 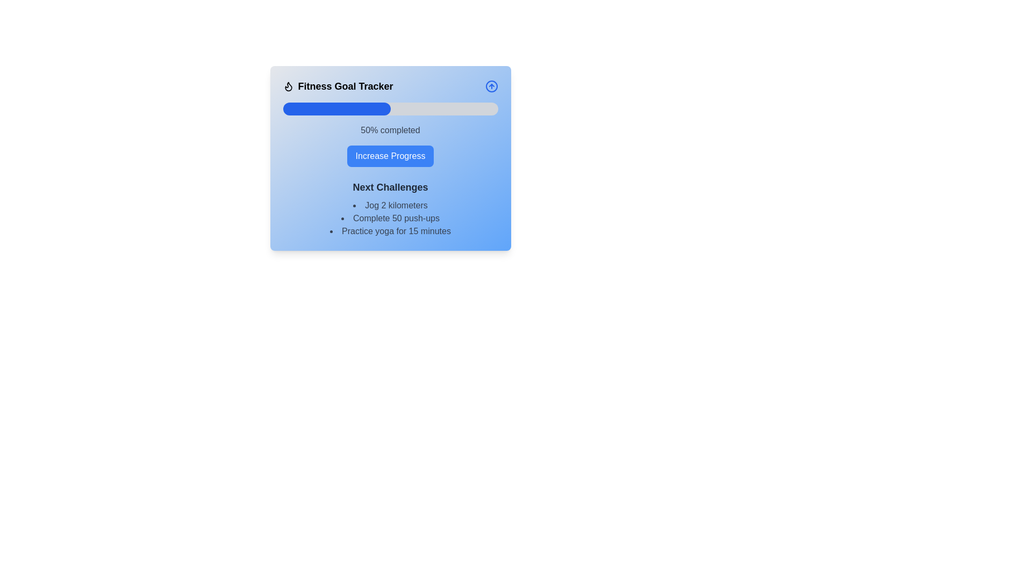 What do you see at coordinates (390, 218) in the screenshot?
I see `text label displaying 'Complete 50 push-ups', which is the second item in the 'Next Challenges' section of the UI, located between 'Jog 2 kilometers' and 'Practice yoga for 15 minutes'` at bounding box center [390, 218].